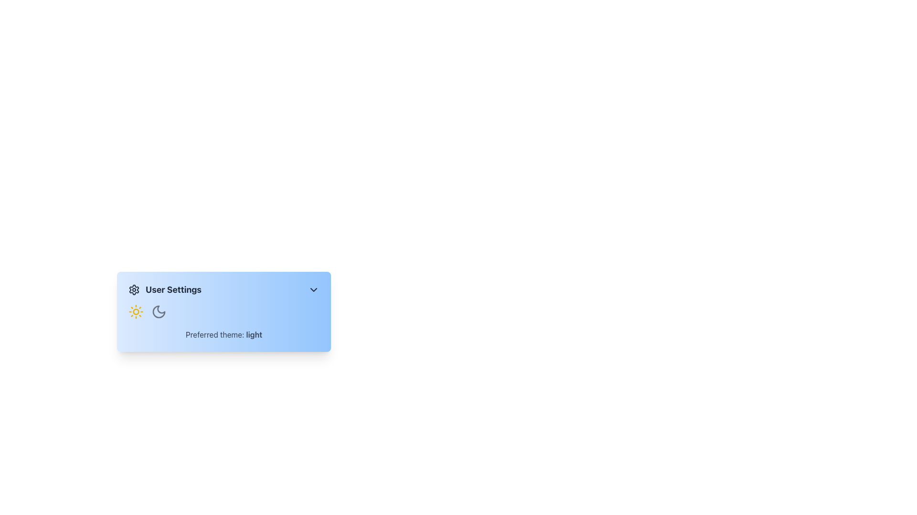  I want to click on the gear icon representing settings, which is located to the left of the 'User Settings' text, so click(134, 289).